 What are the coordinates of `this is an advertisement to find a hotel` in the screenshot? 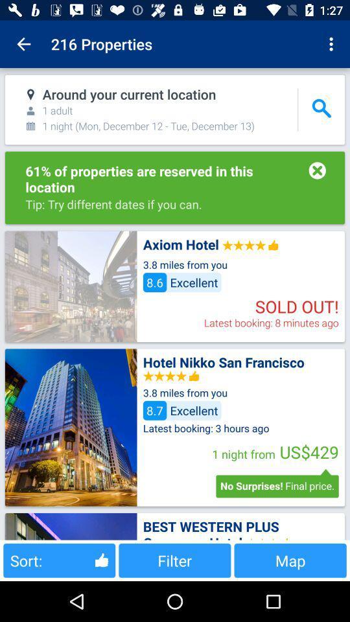 It's located at (71, 427).